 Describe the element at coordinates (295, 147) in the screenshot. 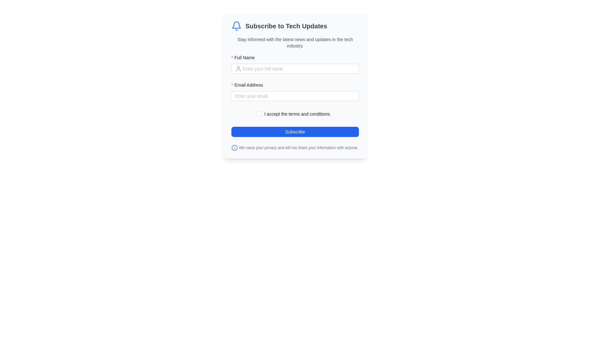

I see `the privacy notice text block with a blue information icon, located centrally below the 'Subscribe' button` at that location.